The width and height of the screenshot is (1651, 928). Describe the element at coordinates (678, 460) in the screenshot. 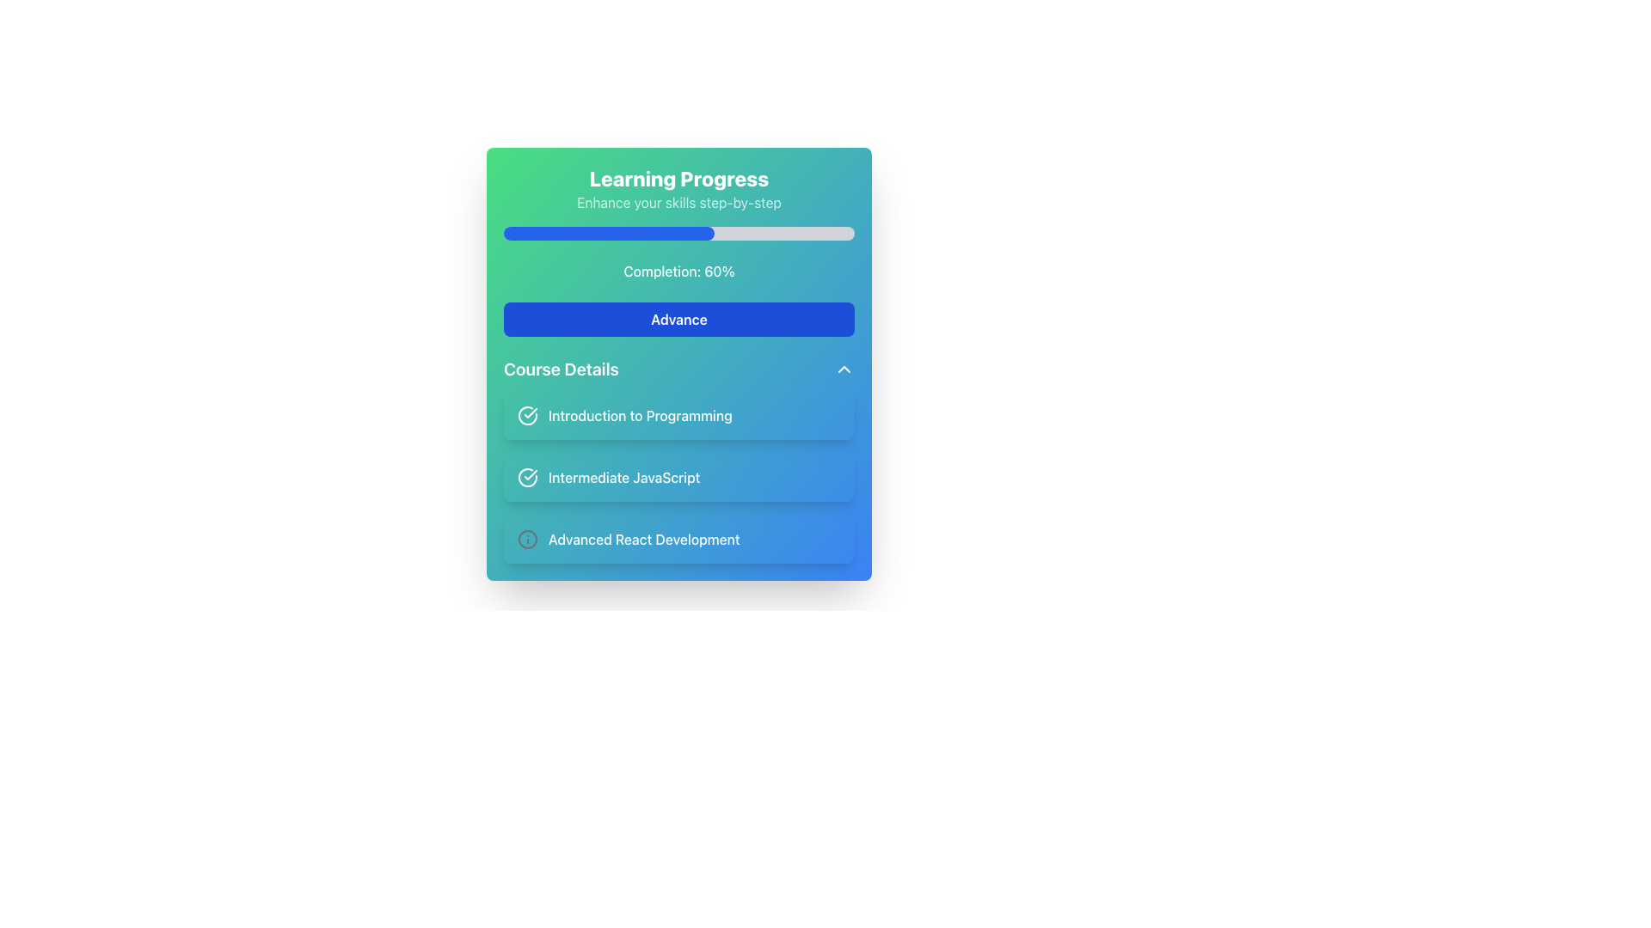

I see `course name from the course entry labeled 'Intermediate JavaScript' located in the 'Course Details' section of the progress card` at that location.